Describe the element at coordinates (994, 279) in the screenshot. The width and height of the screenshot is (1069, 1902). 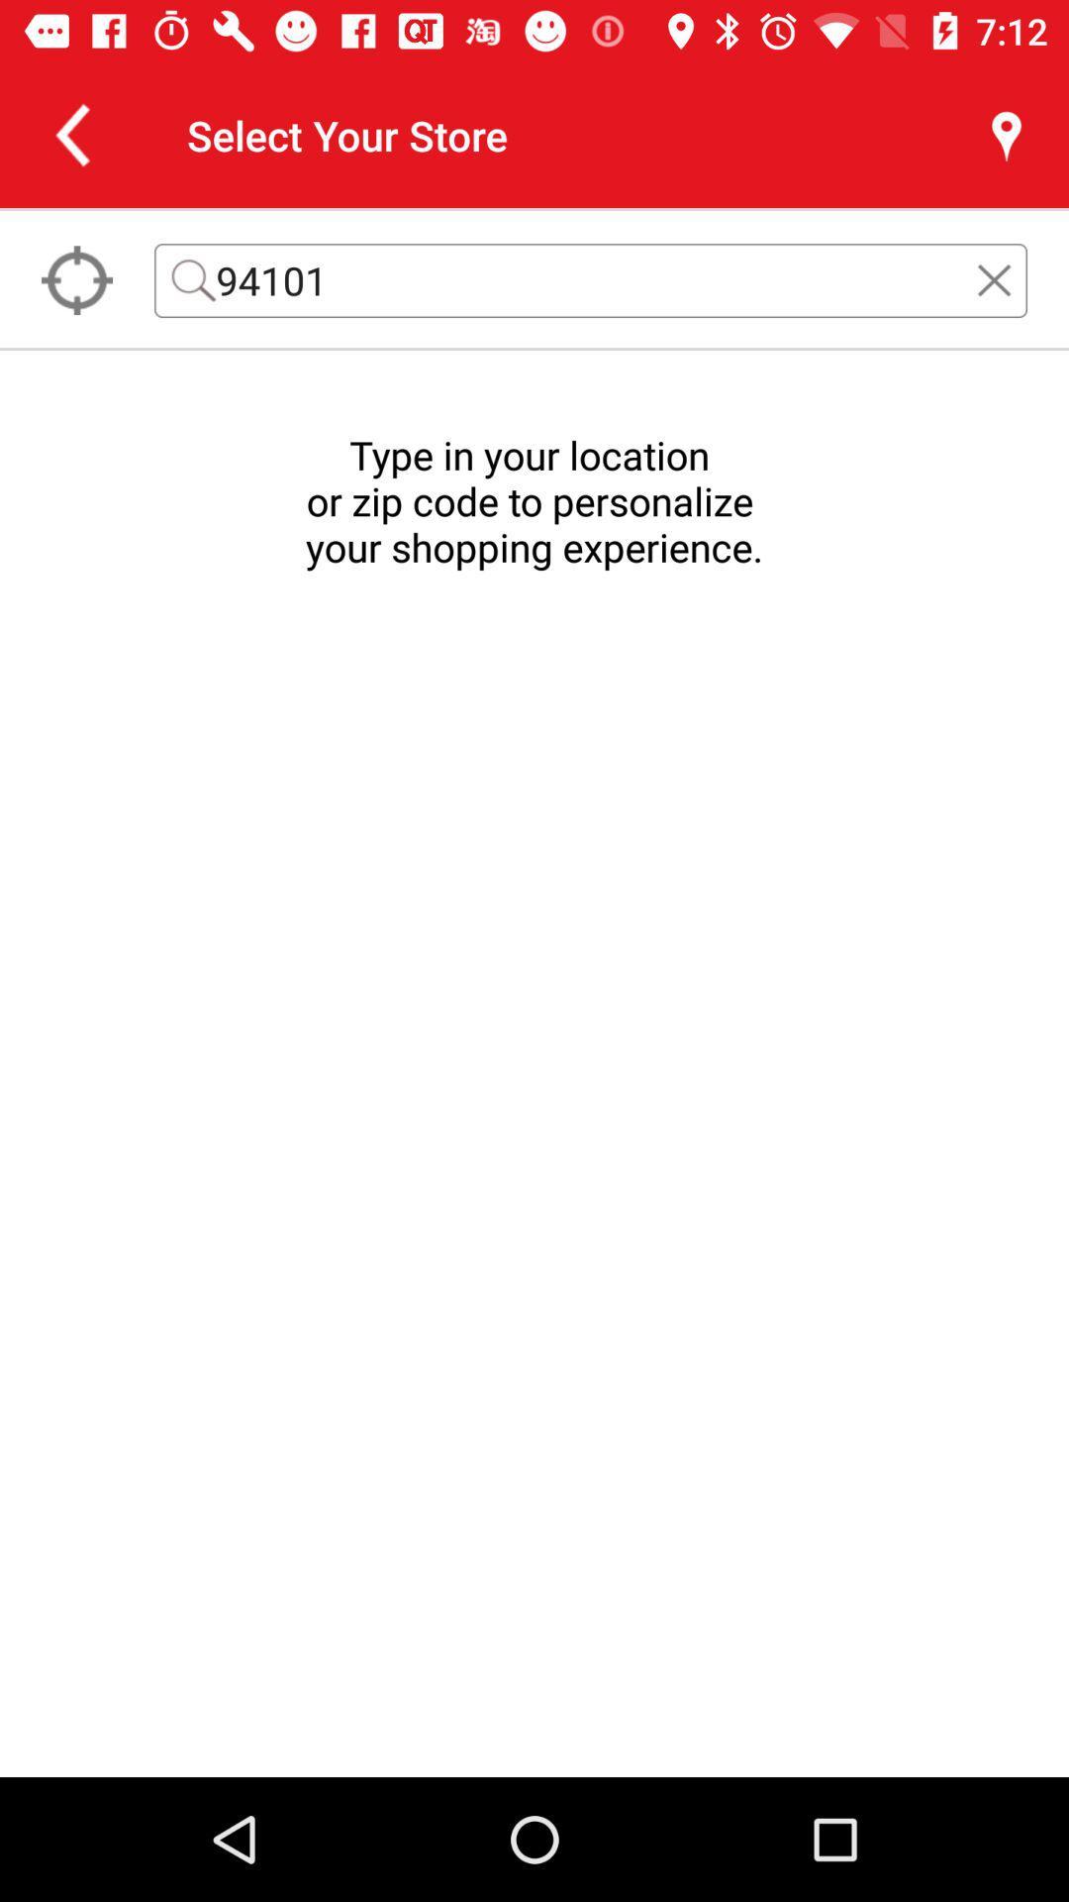
I see `the close icon` at that location.